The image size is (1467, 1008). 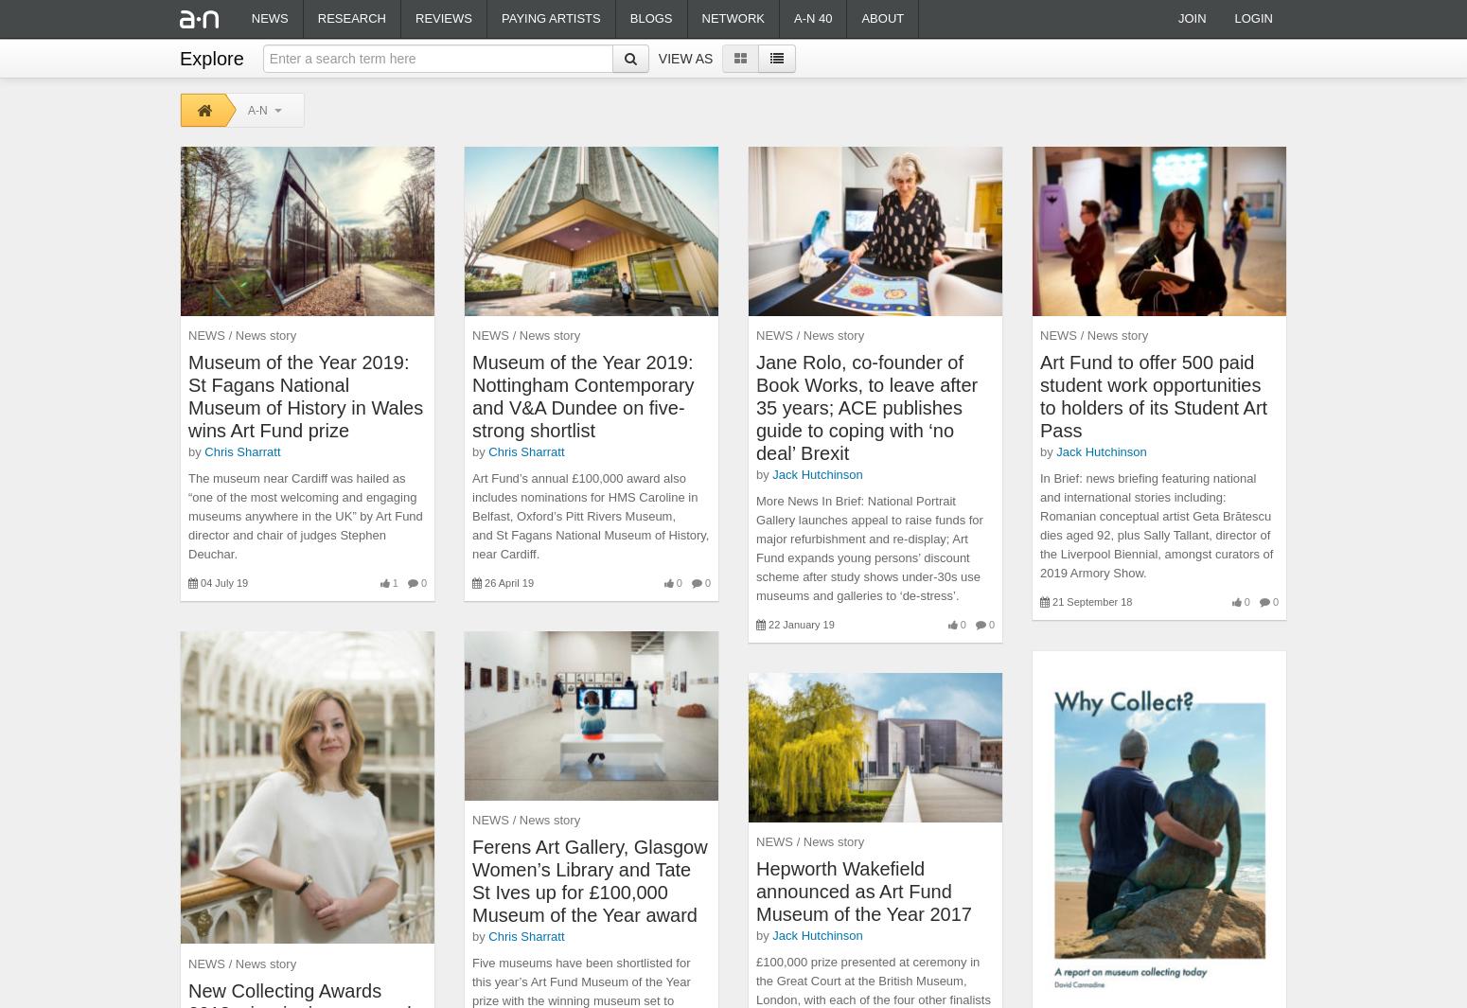 I want to click on 'Hepworth Wakefield announced as Art Fund Museum of the Year 2017', so click(x=755, y=891).